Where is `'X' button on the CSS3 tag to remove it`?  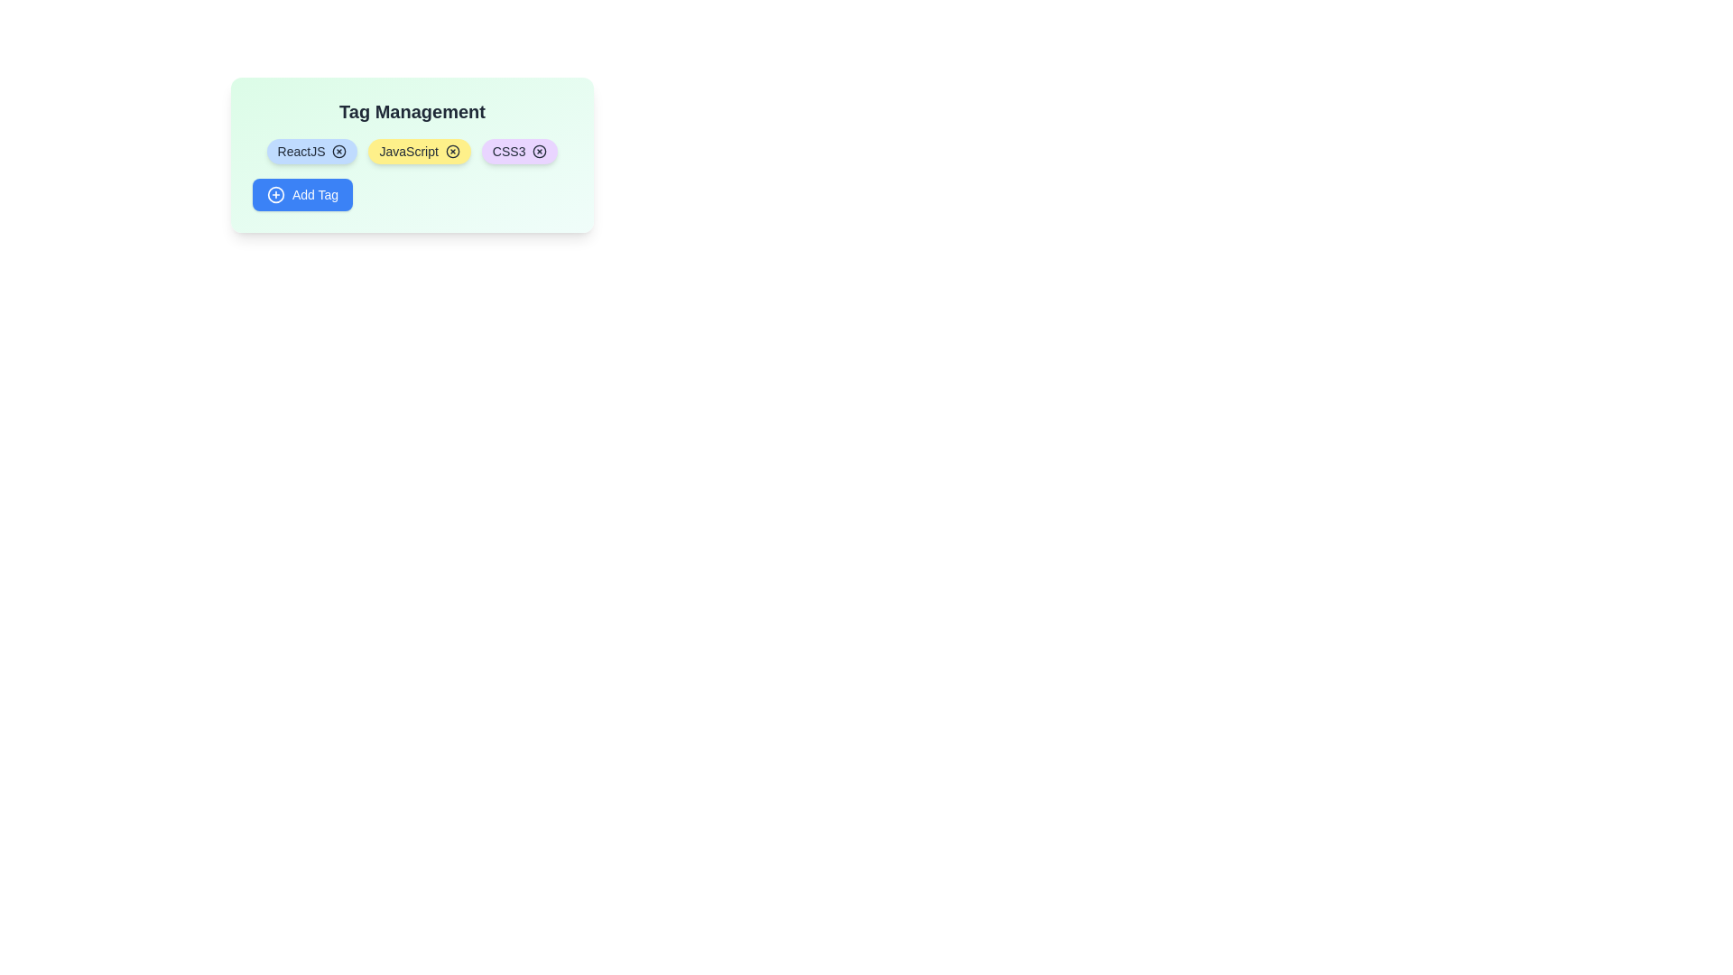
'X' button on the CSS3 tag to remove it is located at coordinates (539, 151).